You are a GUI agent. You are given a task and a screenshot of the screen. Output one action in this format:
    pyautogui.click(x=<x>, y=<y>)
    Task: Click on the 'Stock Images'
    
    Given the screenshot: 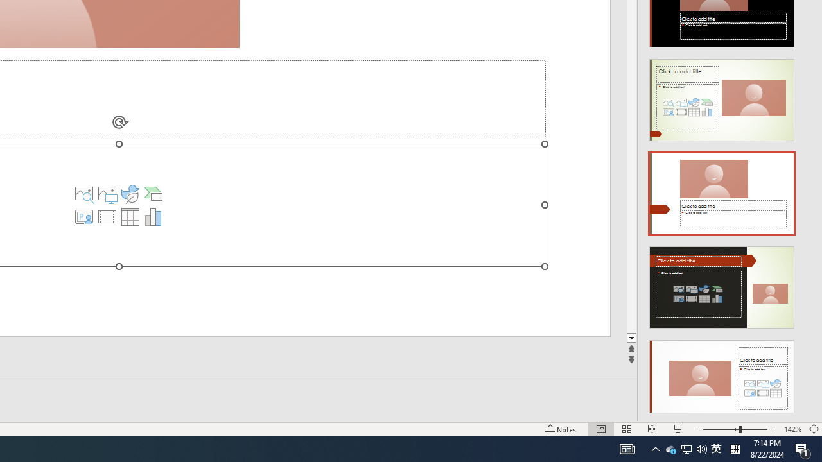 What is the action you would take?
    pyautogui.click(x=83, y=194)
    